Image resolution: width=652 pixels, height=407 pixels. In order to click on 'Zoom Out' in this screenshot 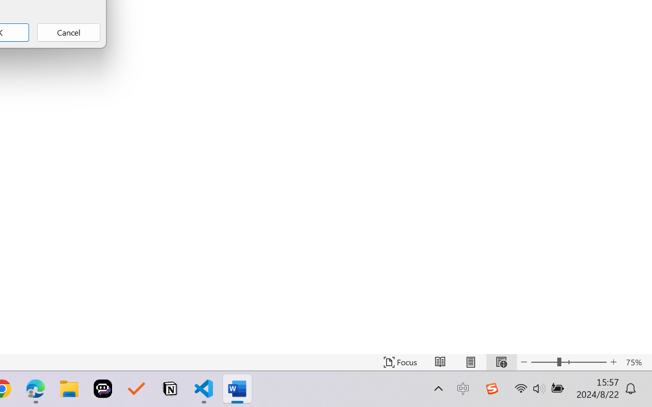, I will do `click(544, 362)`.